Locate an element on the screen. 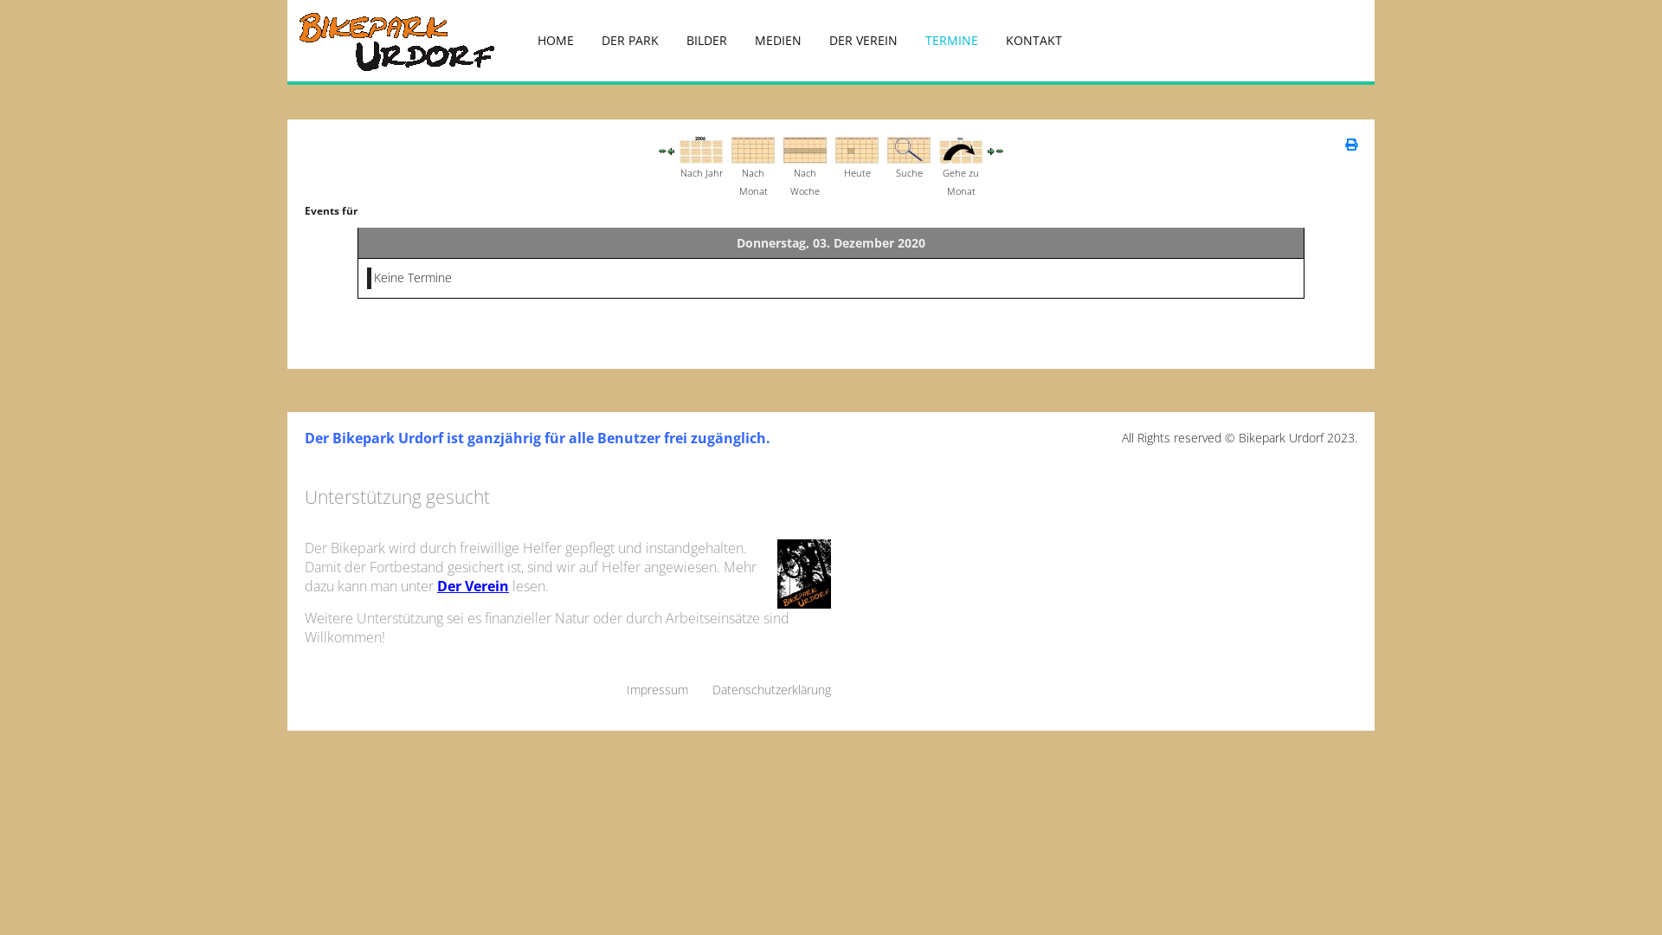  'MEDIEN' is located at coordinates (776, 39).